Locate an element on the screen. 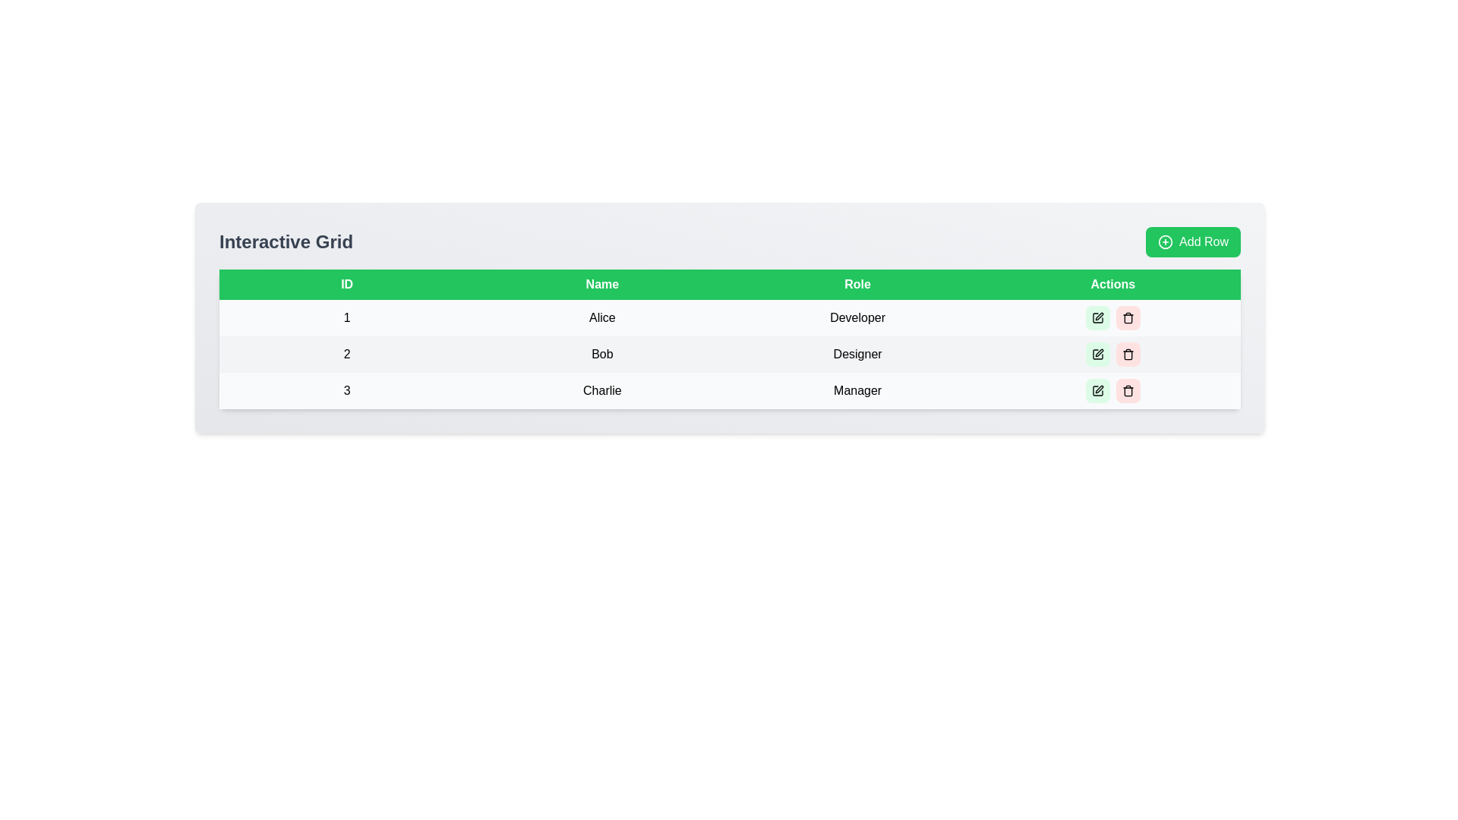 The width and height of the screenshot is (1458, 820). the delete button for the data record of 'Charlie' as Manager is located at coordinates (1128, 390).